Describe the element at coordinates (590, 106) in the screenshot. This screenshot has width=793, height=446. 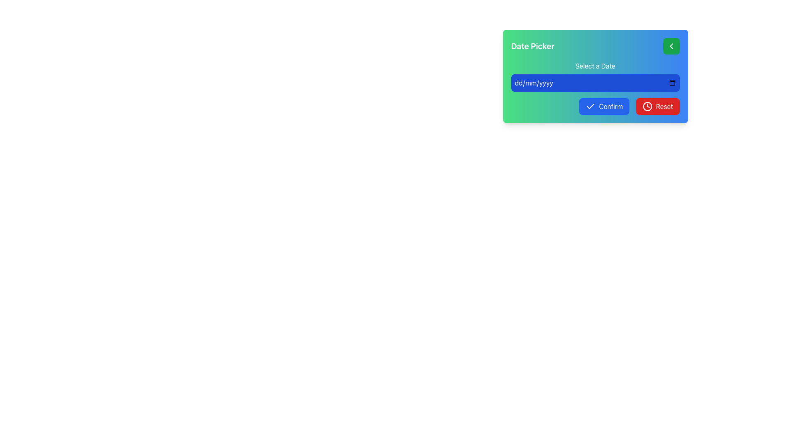
I see `the checkmark icon within the blue 'Confirm' button` at that location.